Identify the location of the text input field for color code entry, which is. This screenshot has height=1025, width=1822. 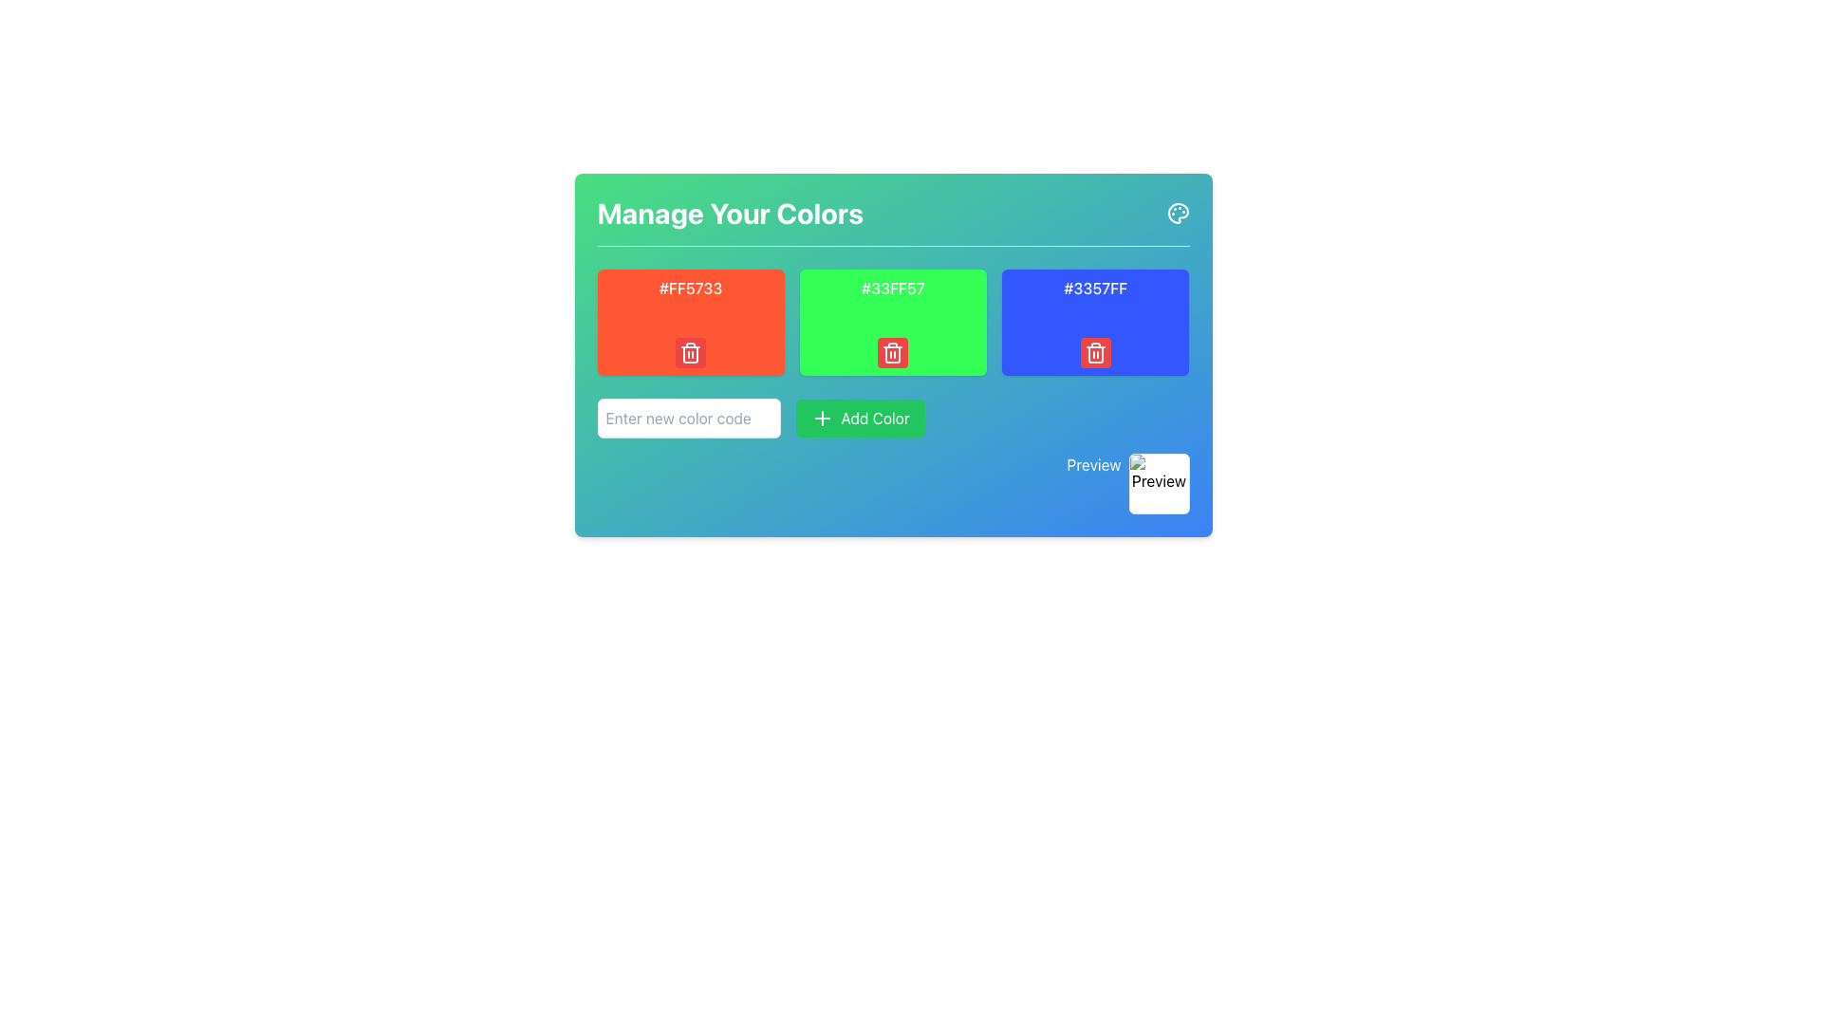
(687, 417).